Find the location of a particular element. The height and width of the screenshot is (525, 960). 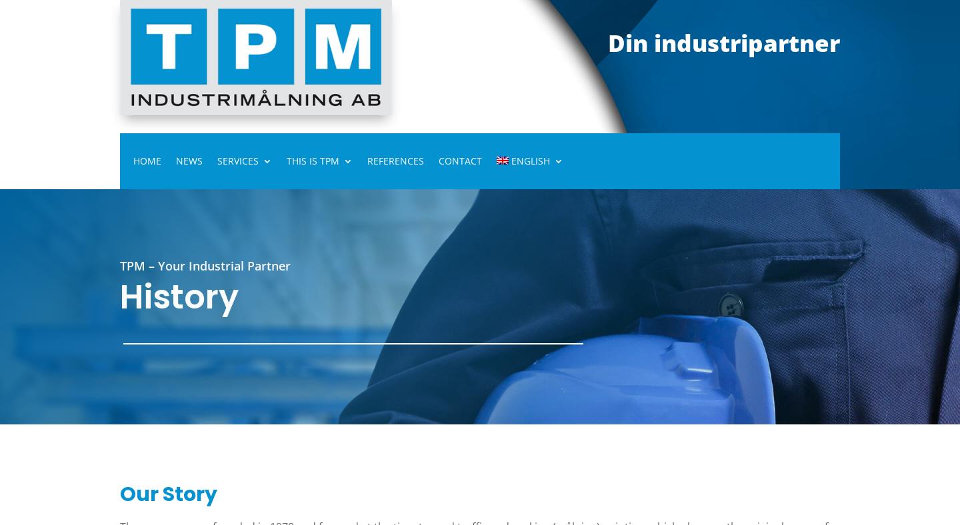

'Line Painting' is located at coordinates (269, 278).